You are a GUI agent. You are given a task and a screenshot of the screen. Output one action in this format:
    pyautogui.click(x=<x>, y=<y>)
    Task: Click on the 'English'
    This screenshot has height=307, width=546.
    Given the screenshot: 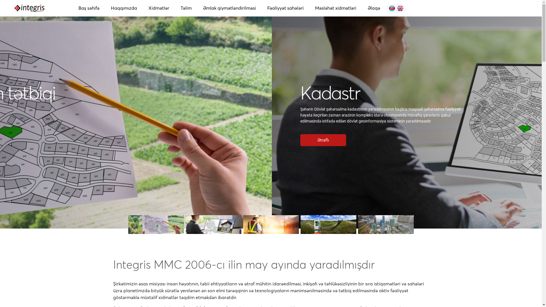 What is the action you would take?
    pyautogui.click(x=392, y=8)
    